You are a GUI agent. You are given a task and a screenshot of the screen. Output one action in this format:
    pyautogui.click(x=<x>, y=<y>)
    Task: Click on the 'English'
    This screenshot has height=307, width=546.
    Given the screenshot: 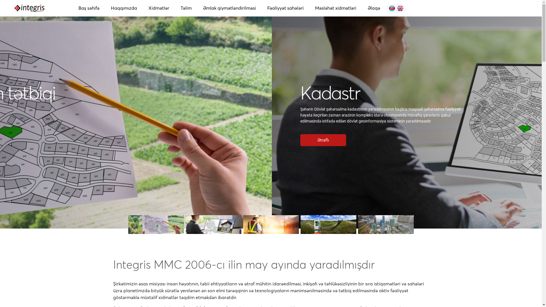 What is the action you would take?
    pyautogui.click(x=392, y=8)
    